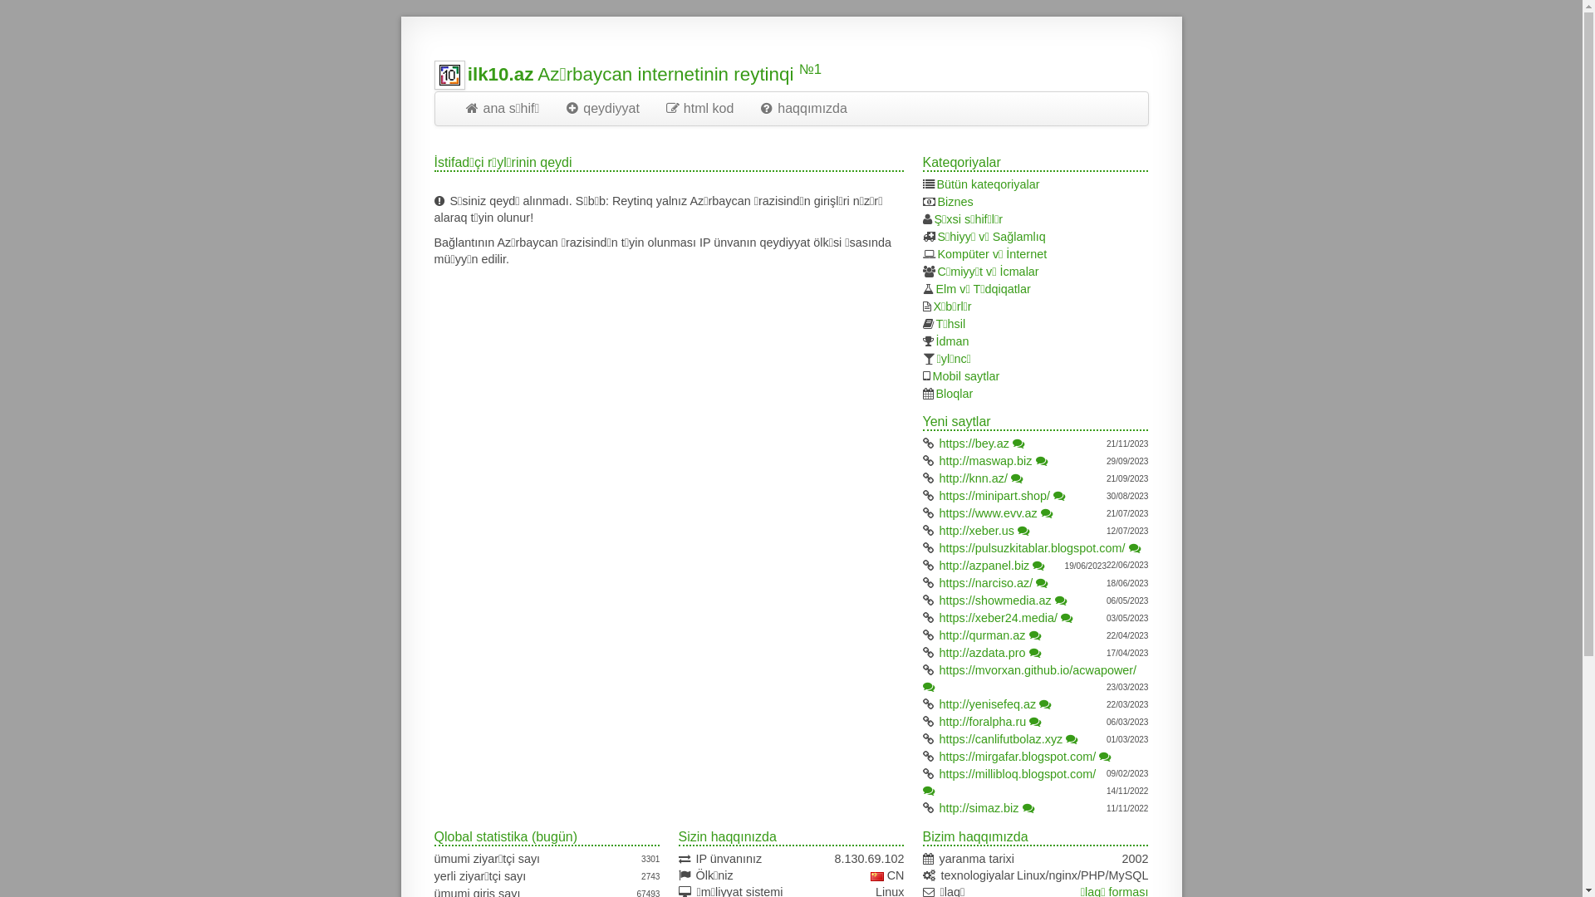 The height and width of the screenshot is (897, 1595). Describe the element at coordinates (982, 652) in the screenshot. I see `'http://azdata.pro'` at that location.